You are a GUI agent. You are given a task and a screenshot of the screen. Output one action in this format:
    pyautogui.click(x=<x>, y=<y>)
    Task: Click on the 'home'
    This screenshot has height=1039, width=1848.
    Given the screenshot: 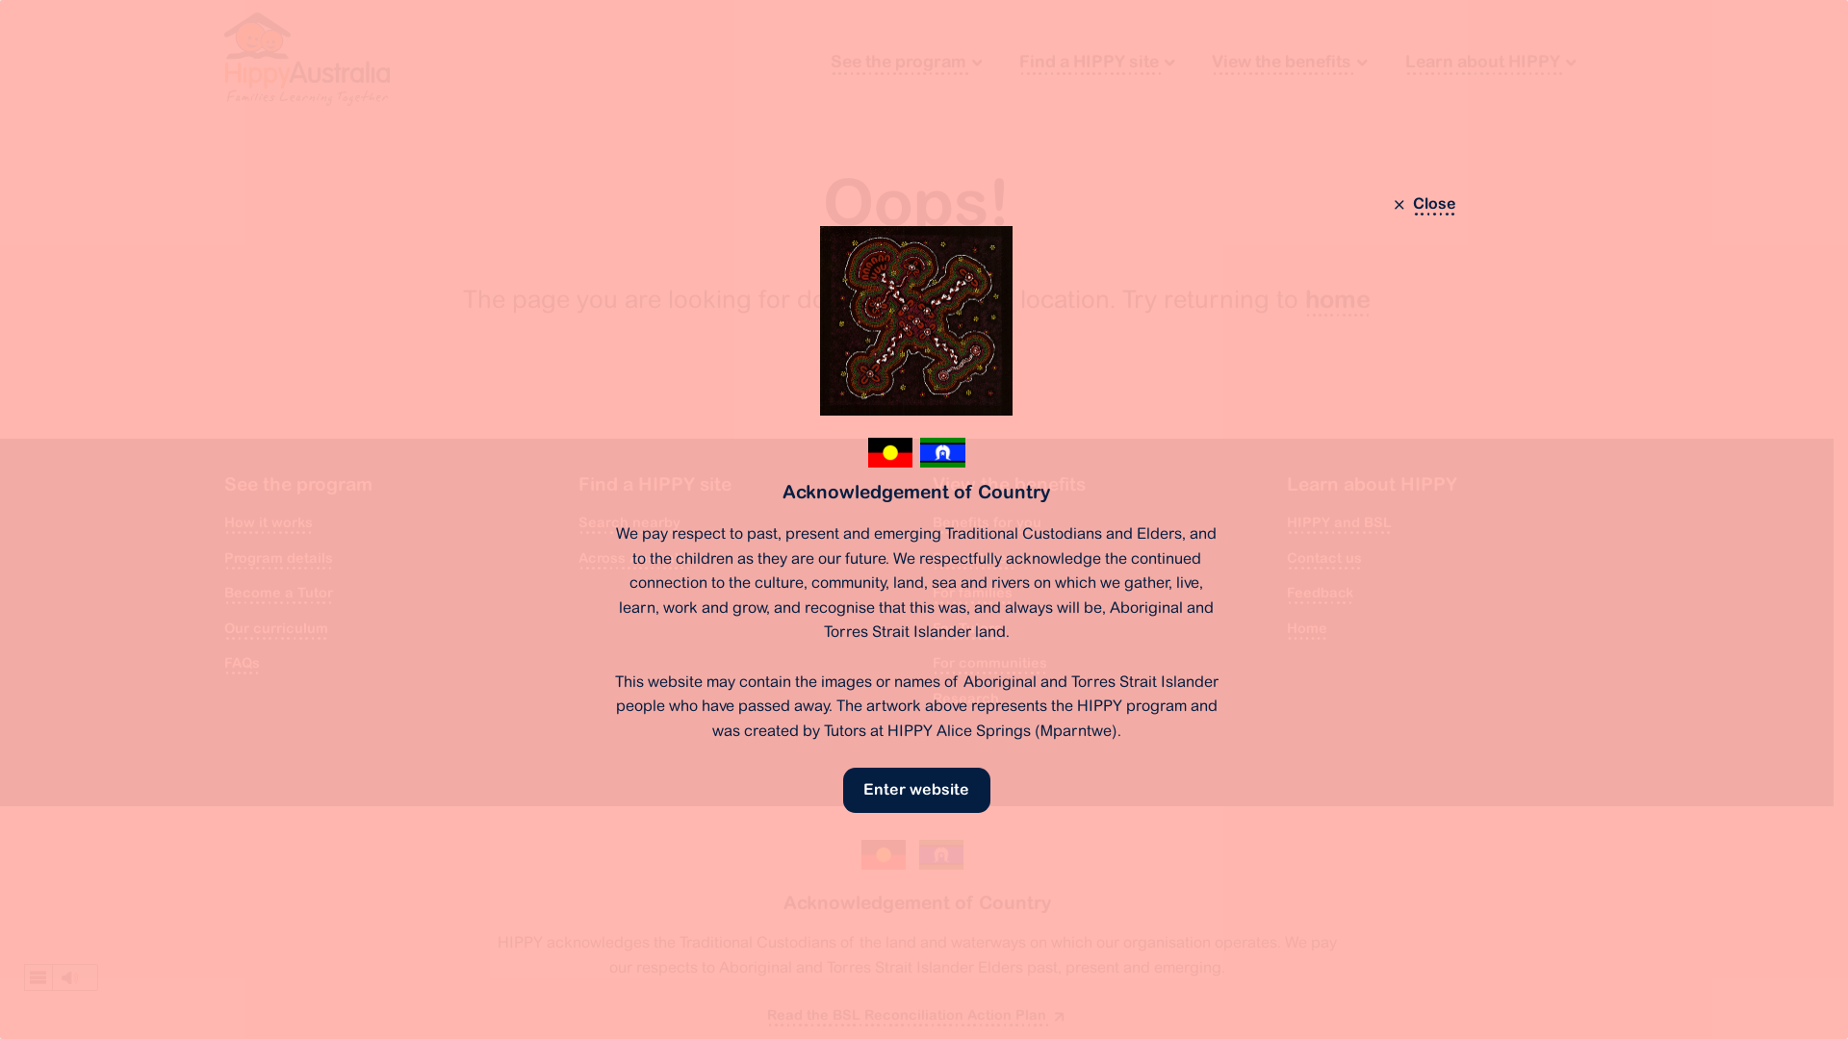 What is the action you would take?
    pyautogui.click(x=1305, y=299)
    